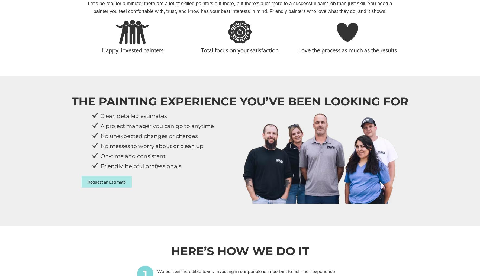 This screenshot has width=480, height=276. What do you see at coordinates (347, 50) in the screenshot?
I see `'Love the process as much as the results'` at bounding box center [347, 50].